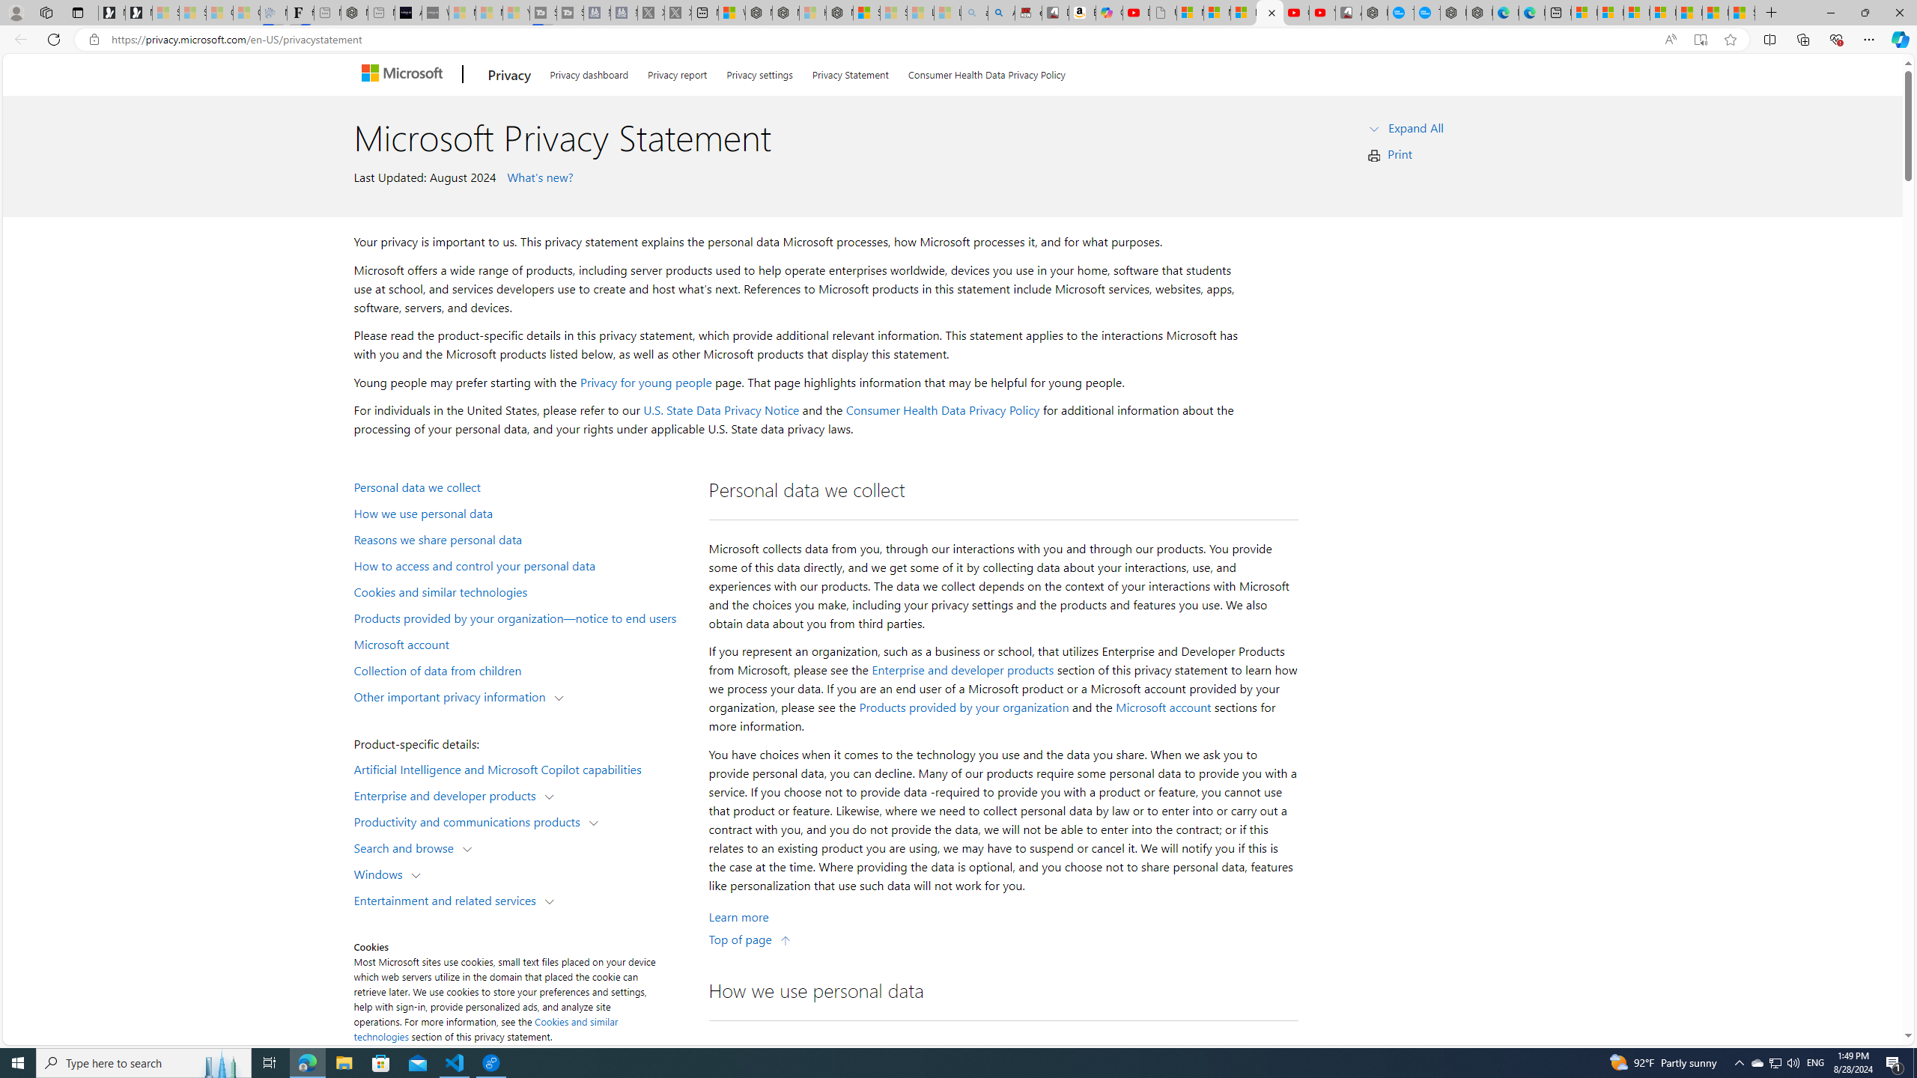 The width and height of the screenshot is (1917, 1078). I want to click on 'How we use personal data', so click(521, 513).